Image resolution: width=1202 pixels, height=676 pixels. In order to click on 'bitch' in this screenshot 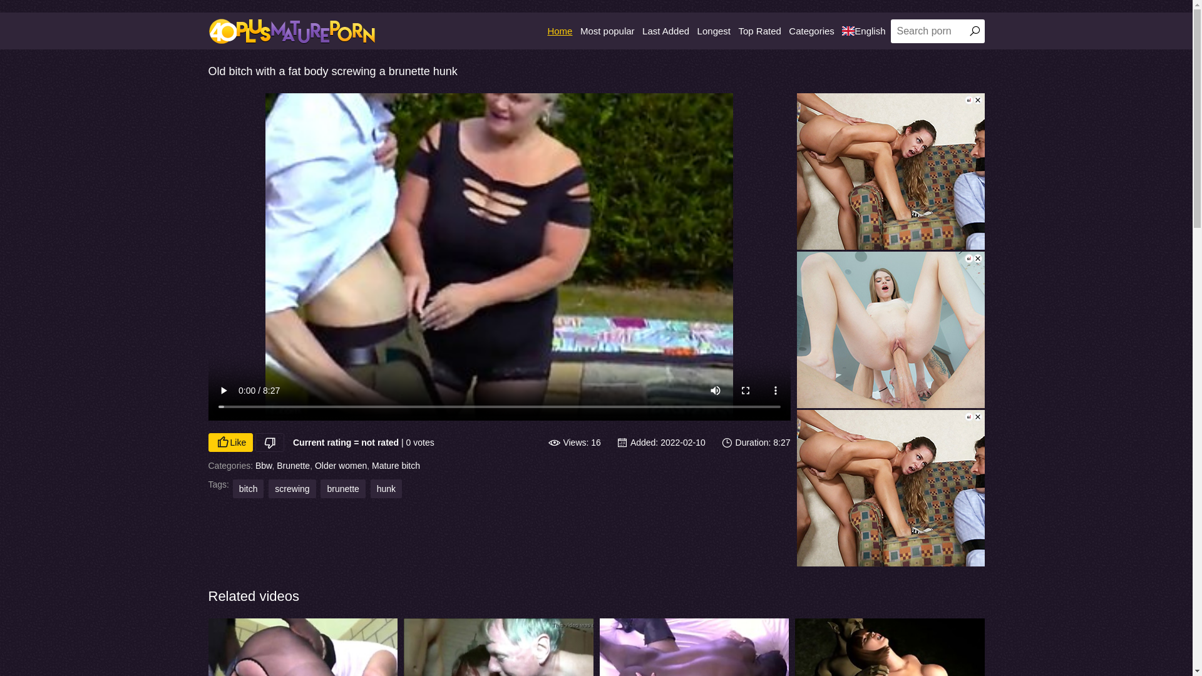, I will do `click(233, 488)`.